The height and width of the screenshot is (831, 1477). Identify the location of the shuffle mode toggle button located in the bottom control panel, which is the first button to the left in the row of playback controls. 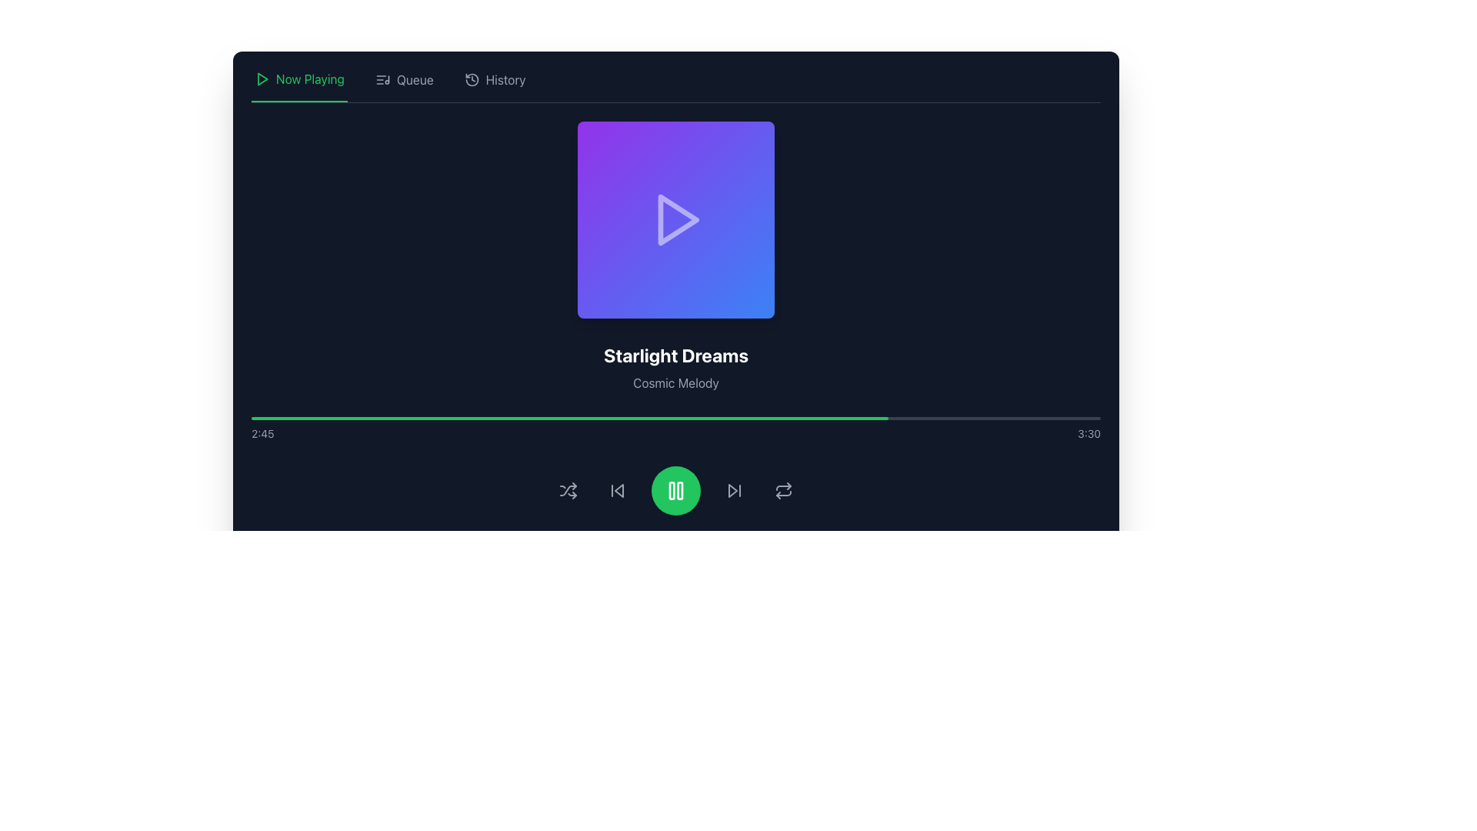
(568, 490).